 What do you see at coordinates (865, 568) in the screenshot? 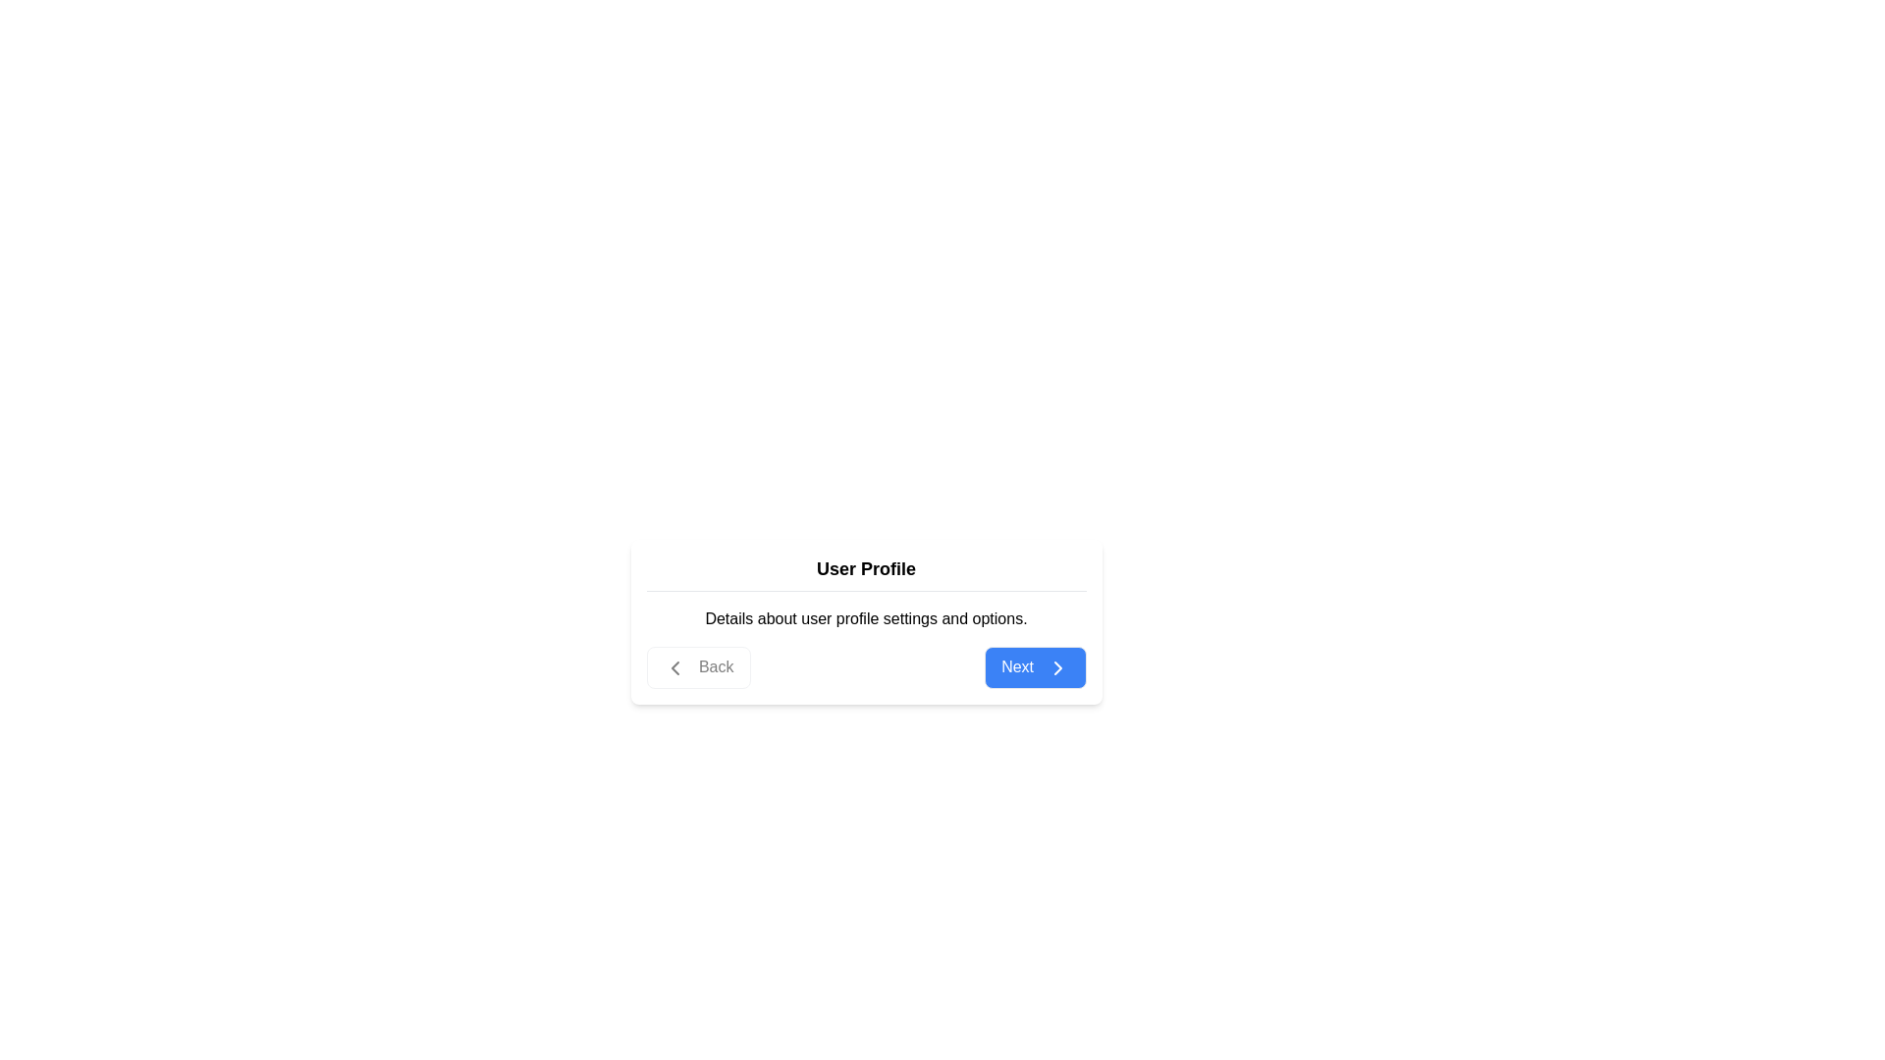
I see `the text label indicating 'User Profile' located at the top of the card-like section` at bounding box center [865, 568].